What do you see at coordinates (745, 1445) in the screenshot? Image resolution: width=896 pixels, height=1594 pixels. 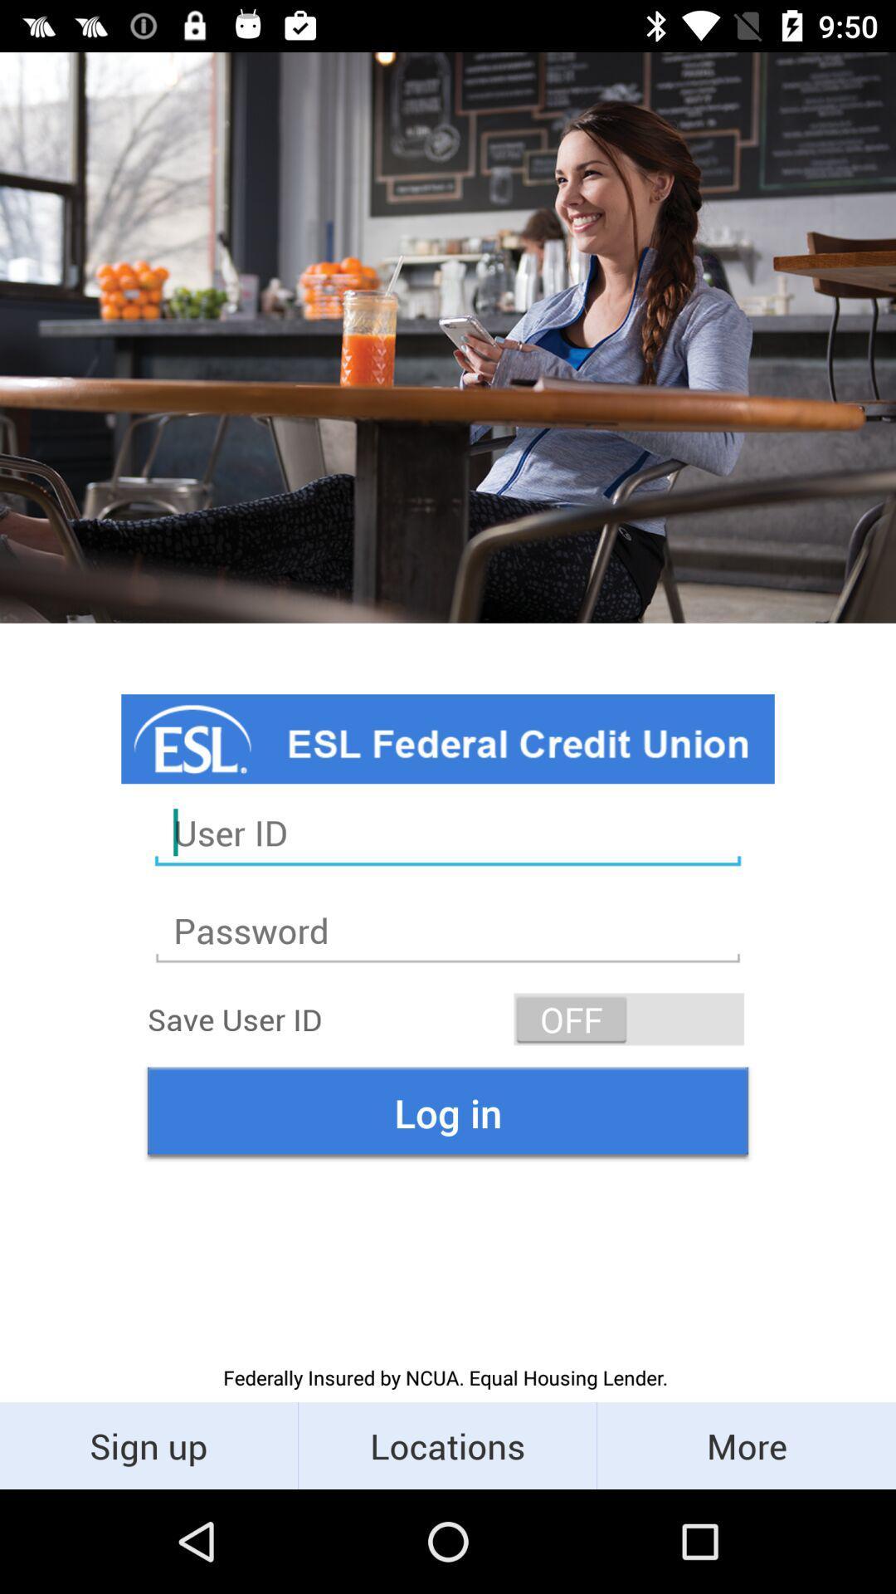 I see `the more item` at bounding box center [745, 1445].